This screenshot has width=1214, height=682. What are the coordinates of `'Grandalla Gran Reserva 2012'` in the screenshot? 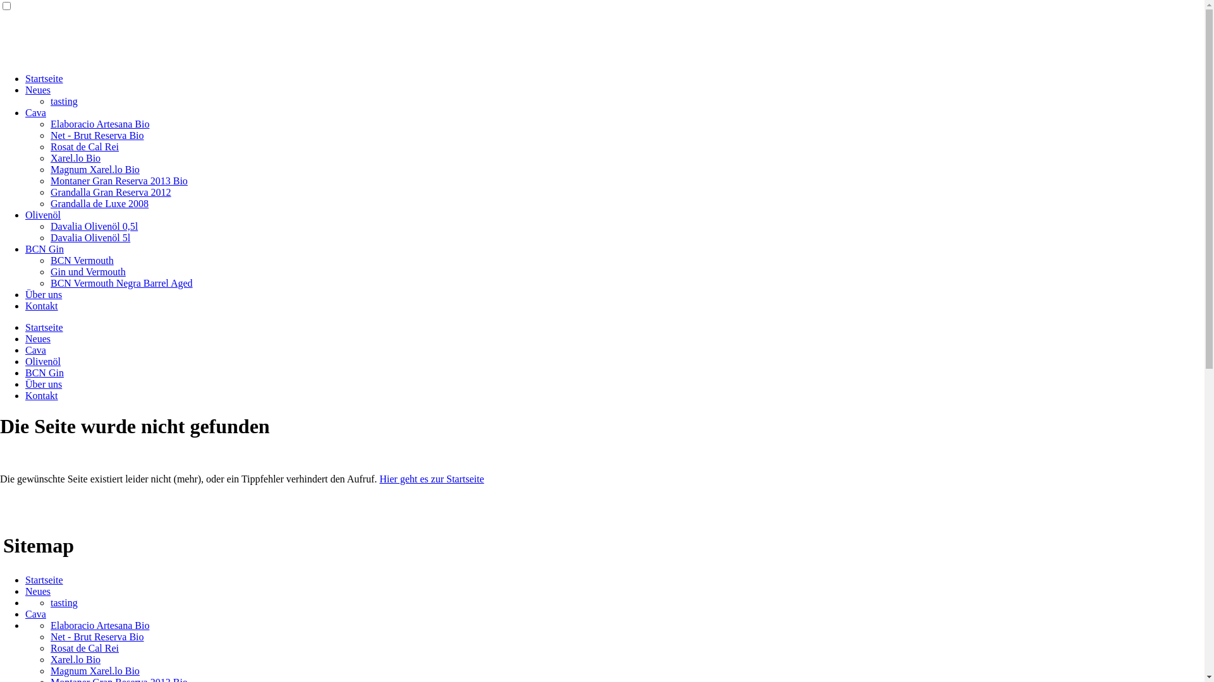 It's located at (111, 192).